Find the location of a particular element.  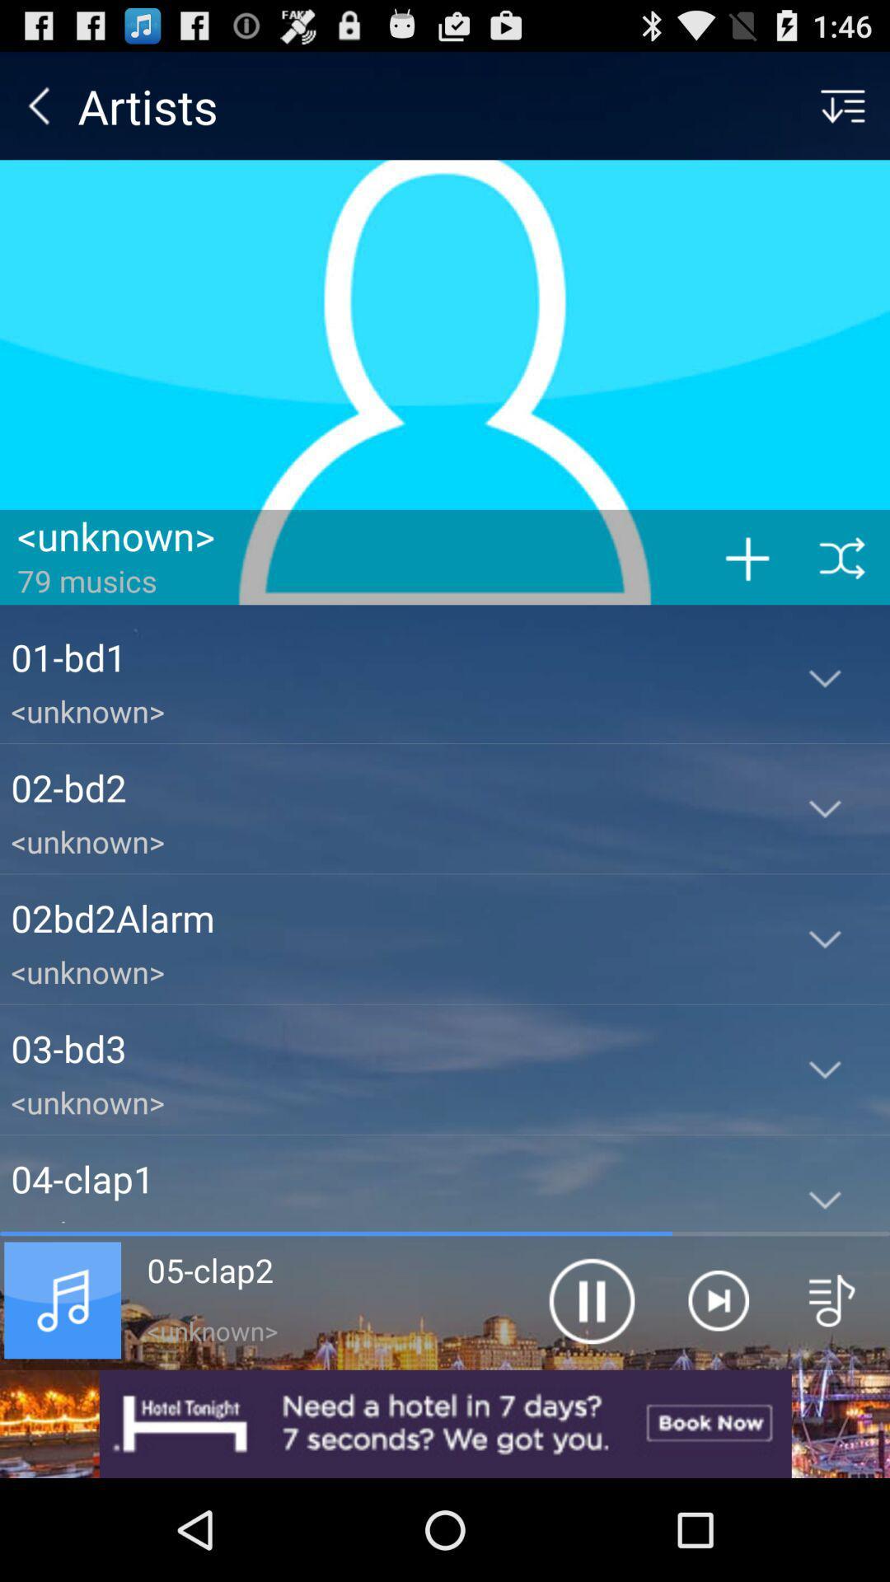

the app next to the 06-crash1 app is located at coordinates (590, 1299).